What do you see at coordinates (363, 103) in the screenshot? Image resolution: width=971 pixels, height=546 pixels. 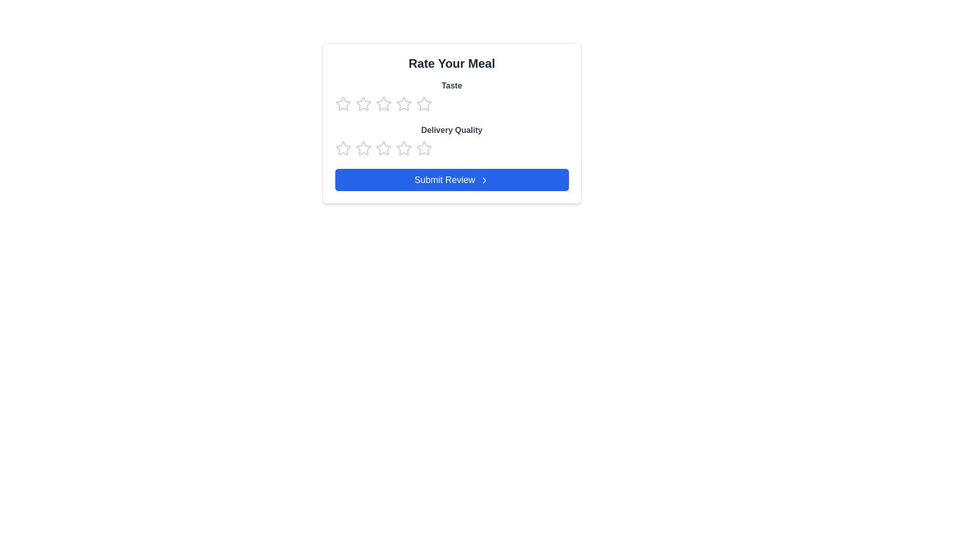 I see `the first rating star for the 'Taste' category` at bounding box center [363, 103].